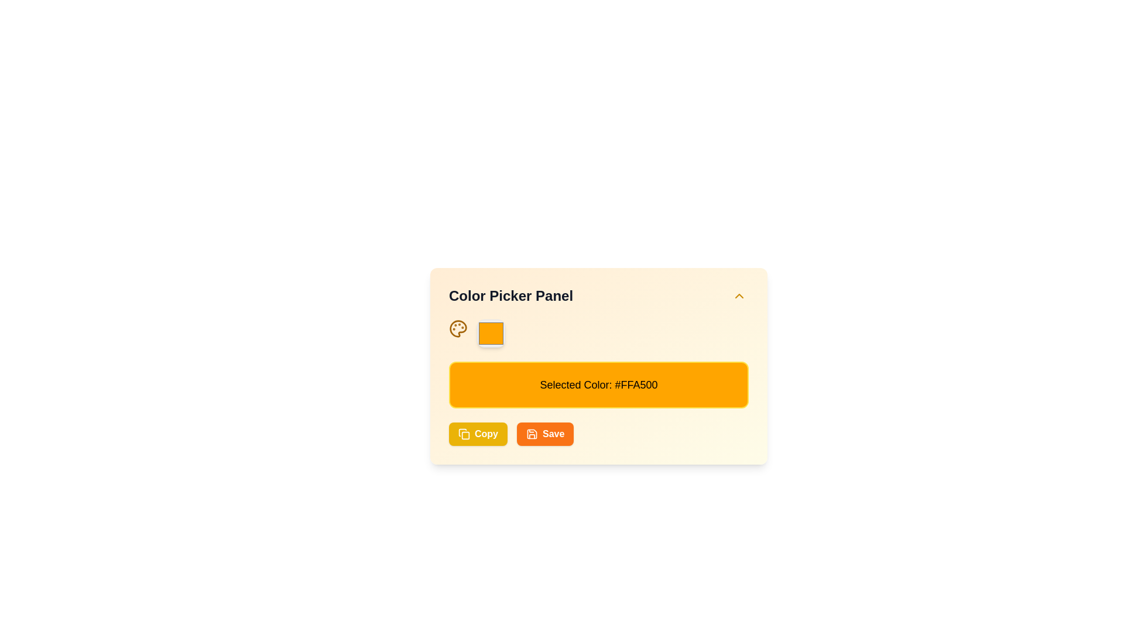 Image resolution: width=1124 pixels, height=632 pixels. What do you see at coordinates (457, 329) in the screenshot?
I see `the color selection icon located at the top-left corner of the Color Picker Panel` at bounding box center [457, 329].